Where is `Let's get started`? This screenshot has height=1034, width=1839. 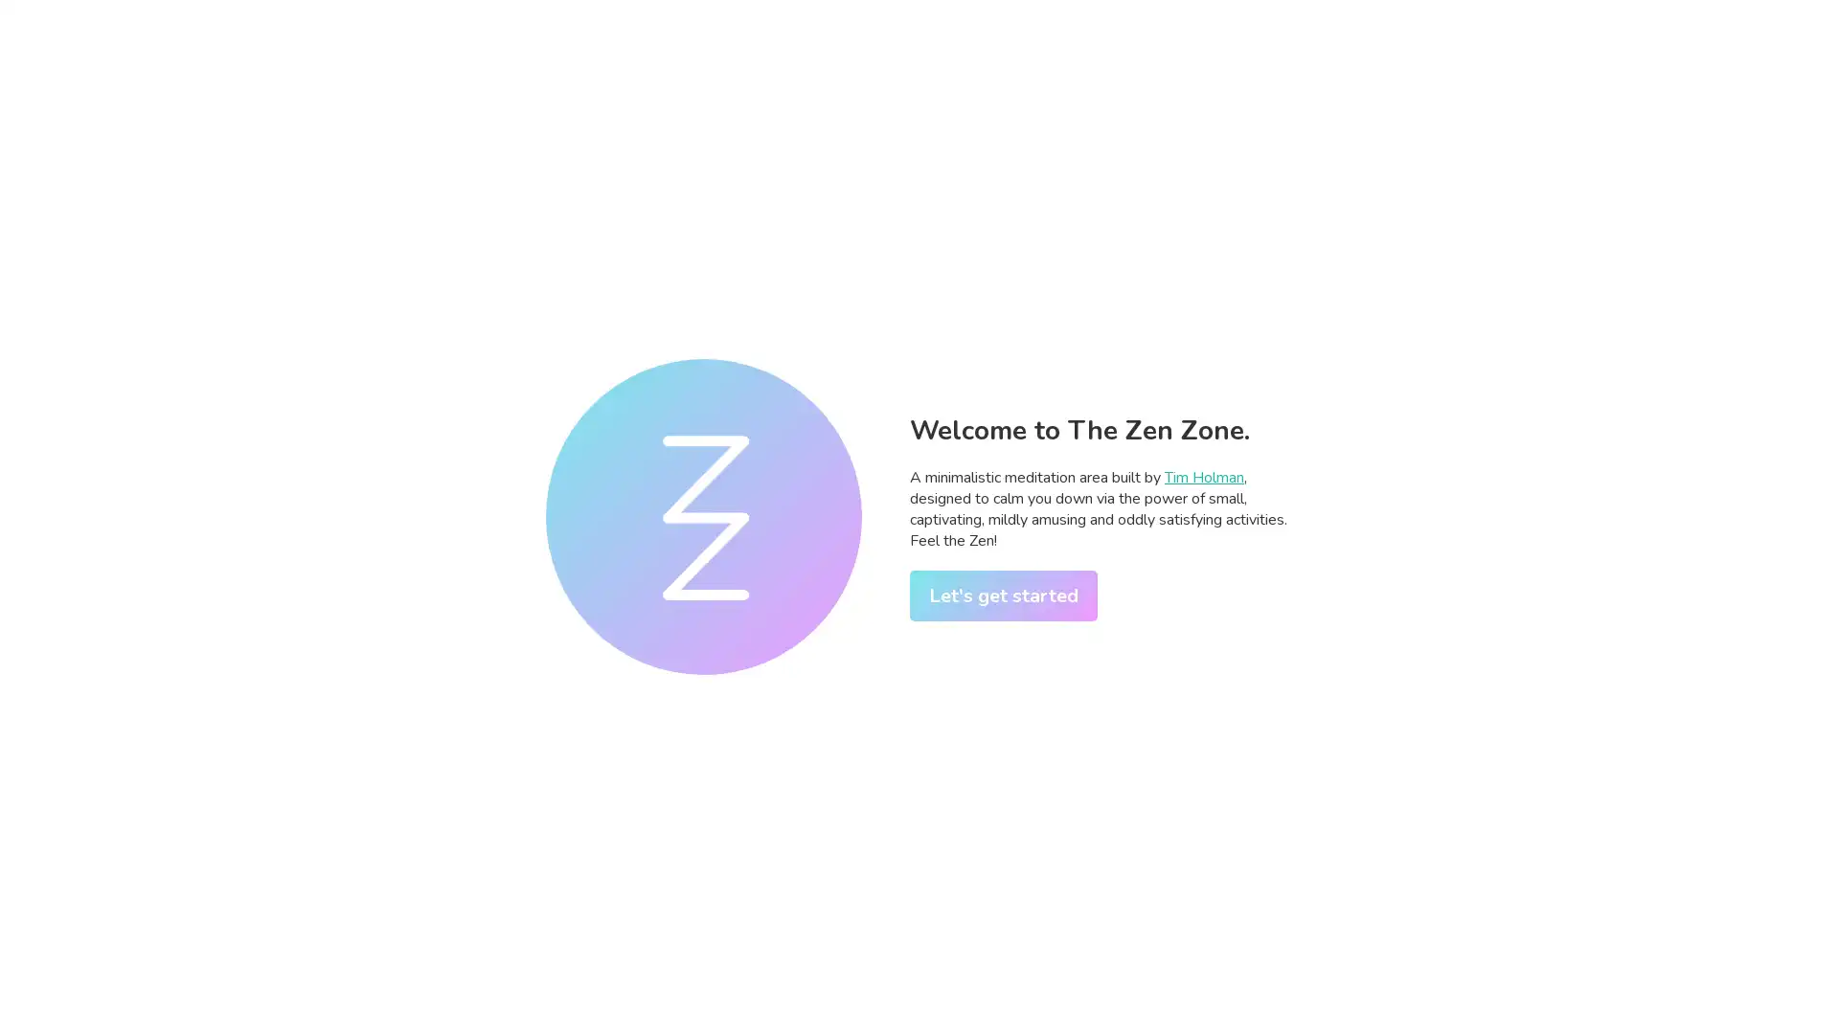 Let's get started is located at coordinates (1002, 594).